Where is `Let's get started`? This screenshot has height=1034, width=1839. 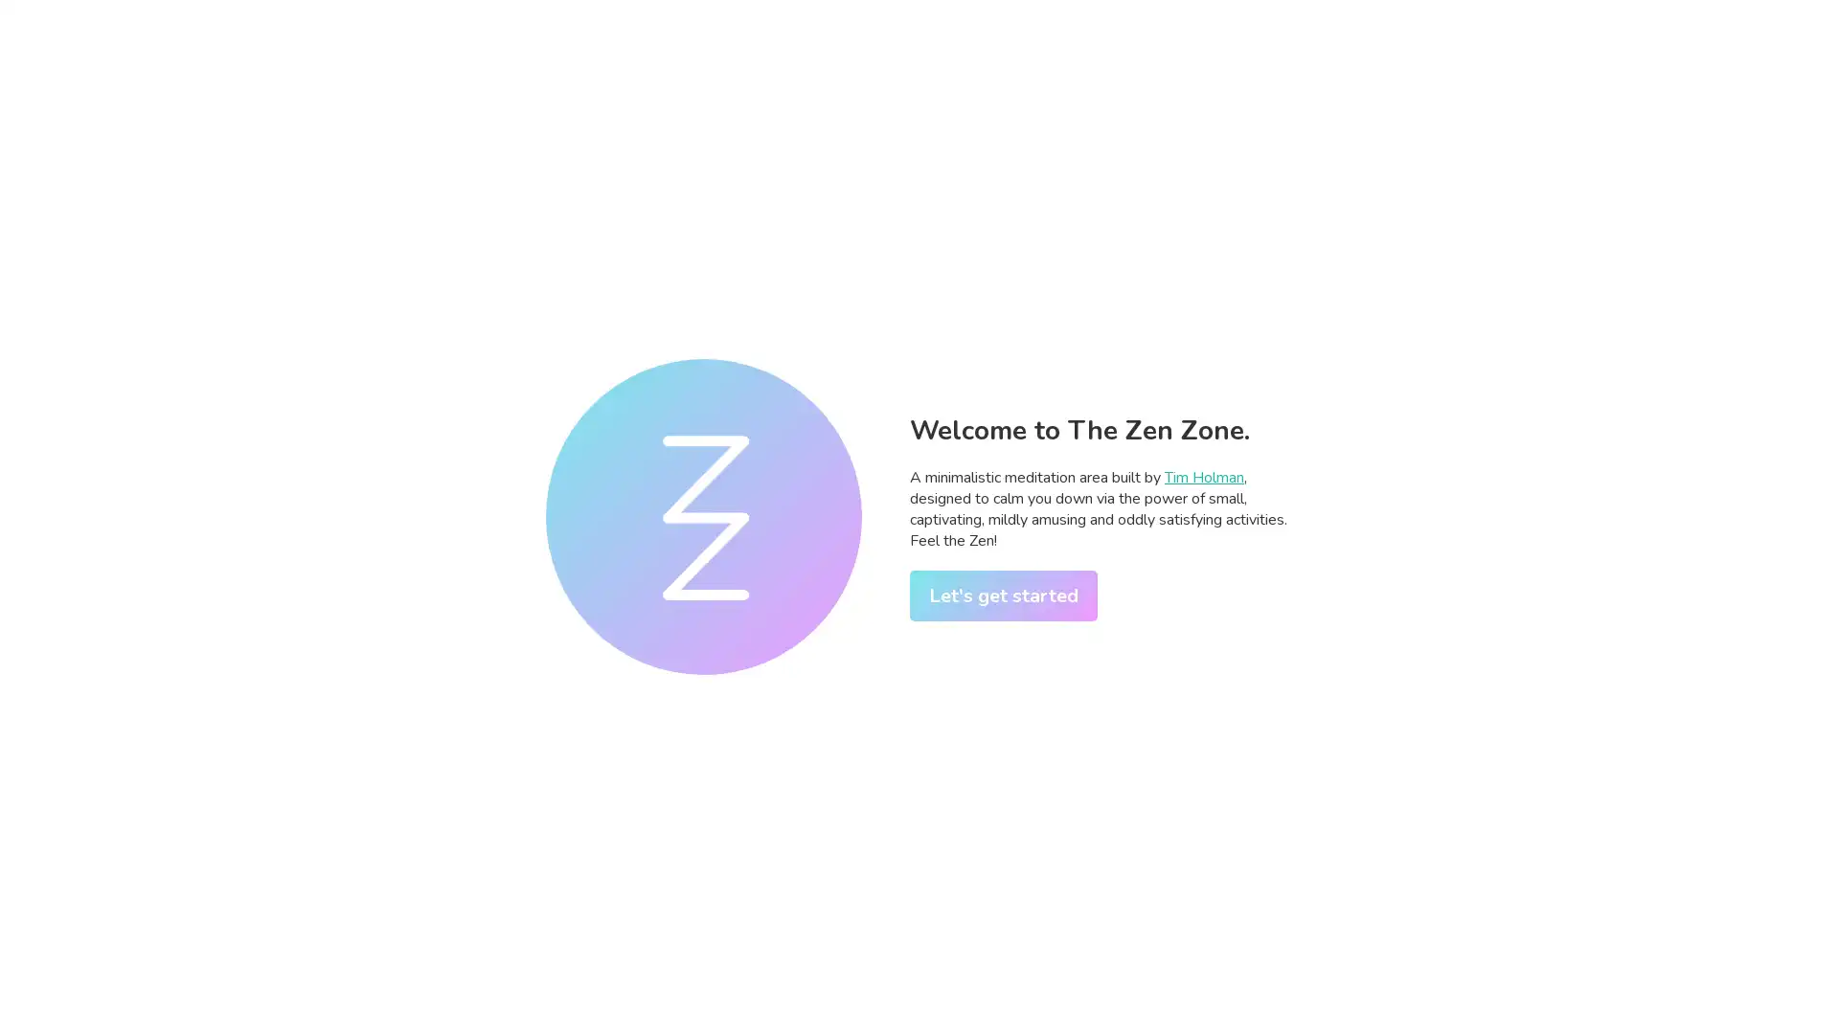 Let's get started is located at coordinates (1002, 594).